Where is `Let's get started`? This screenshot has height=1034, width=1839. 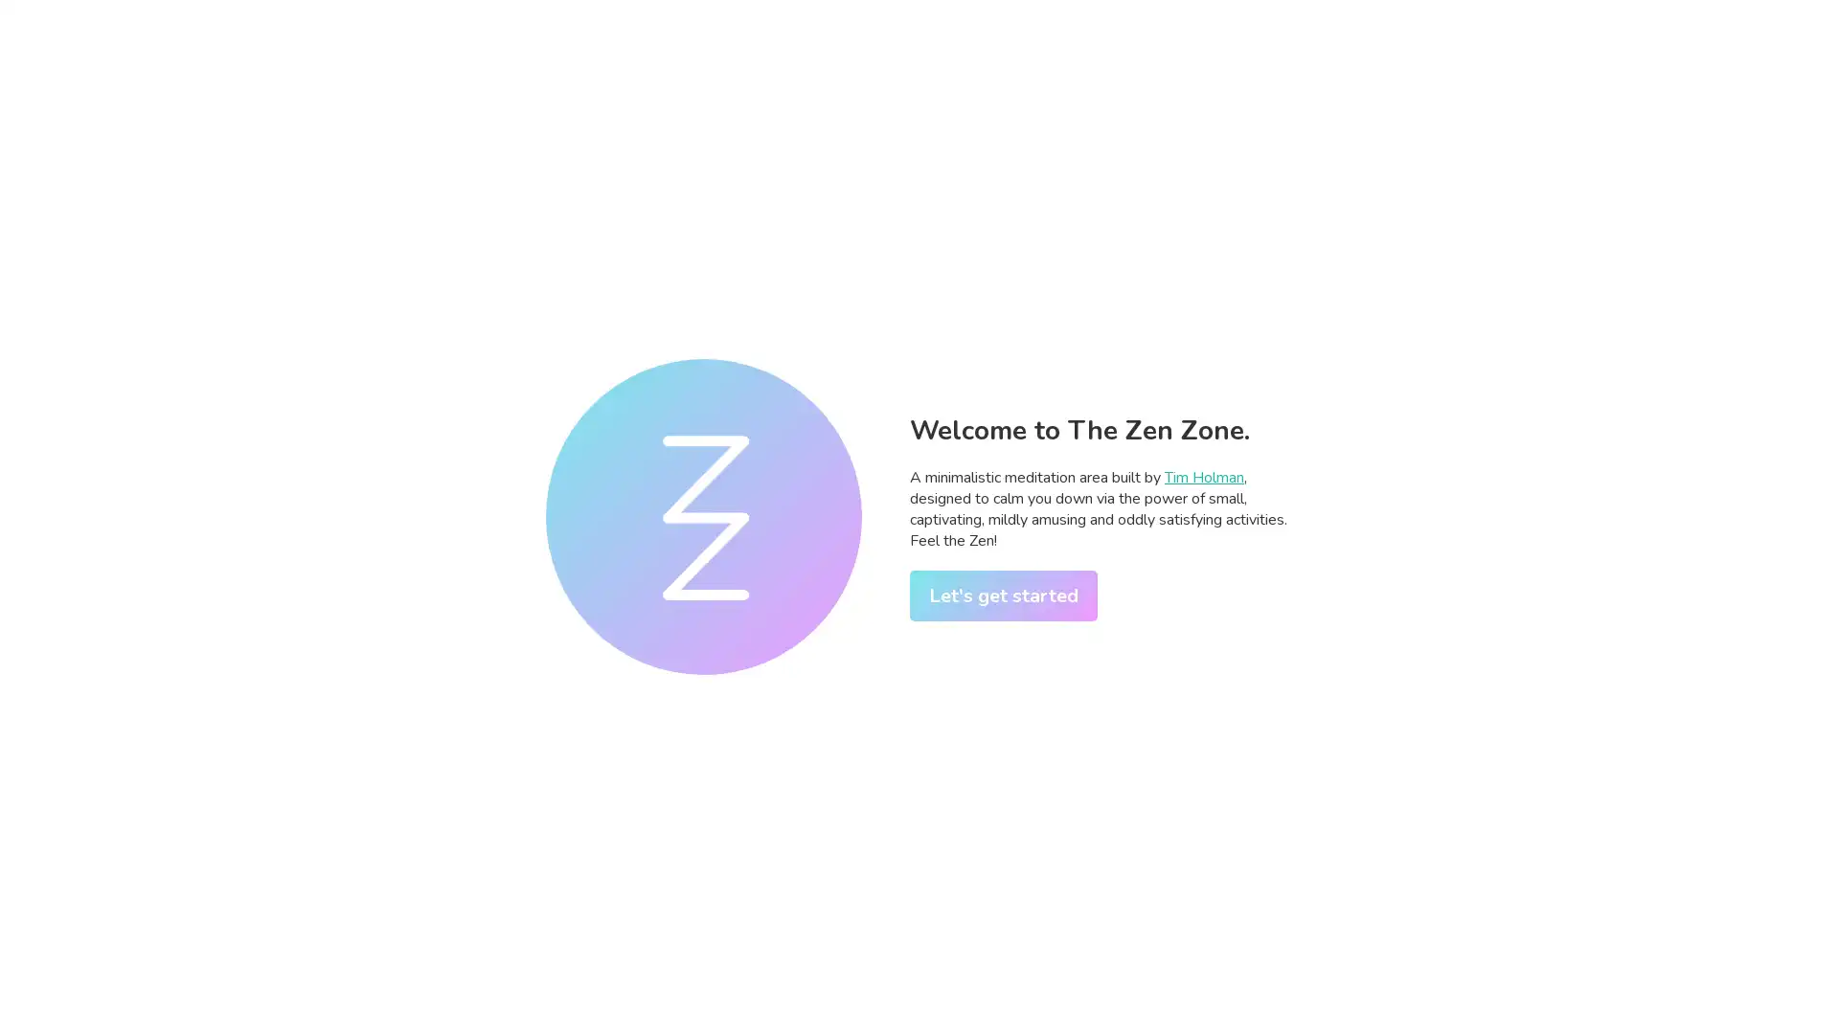 Let's get started is located at coordinates (1002, 594).